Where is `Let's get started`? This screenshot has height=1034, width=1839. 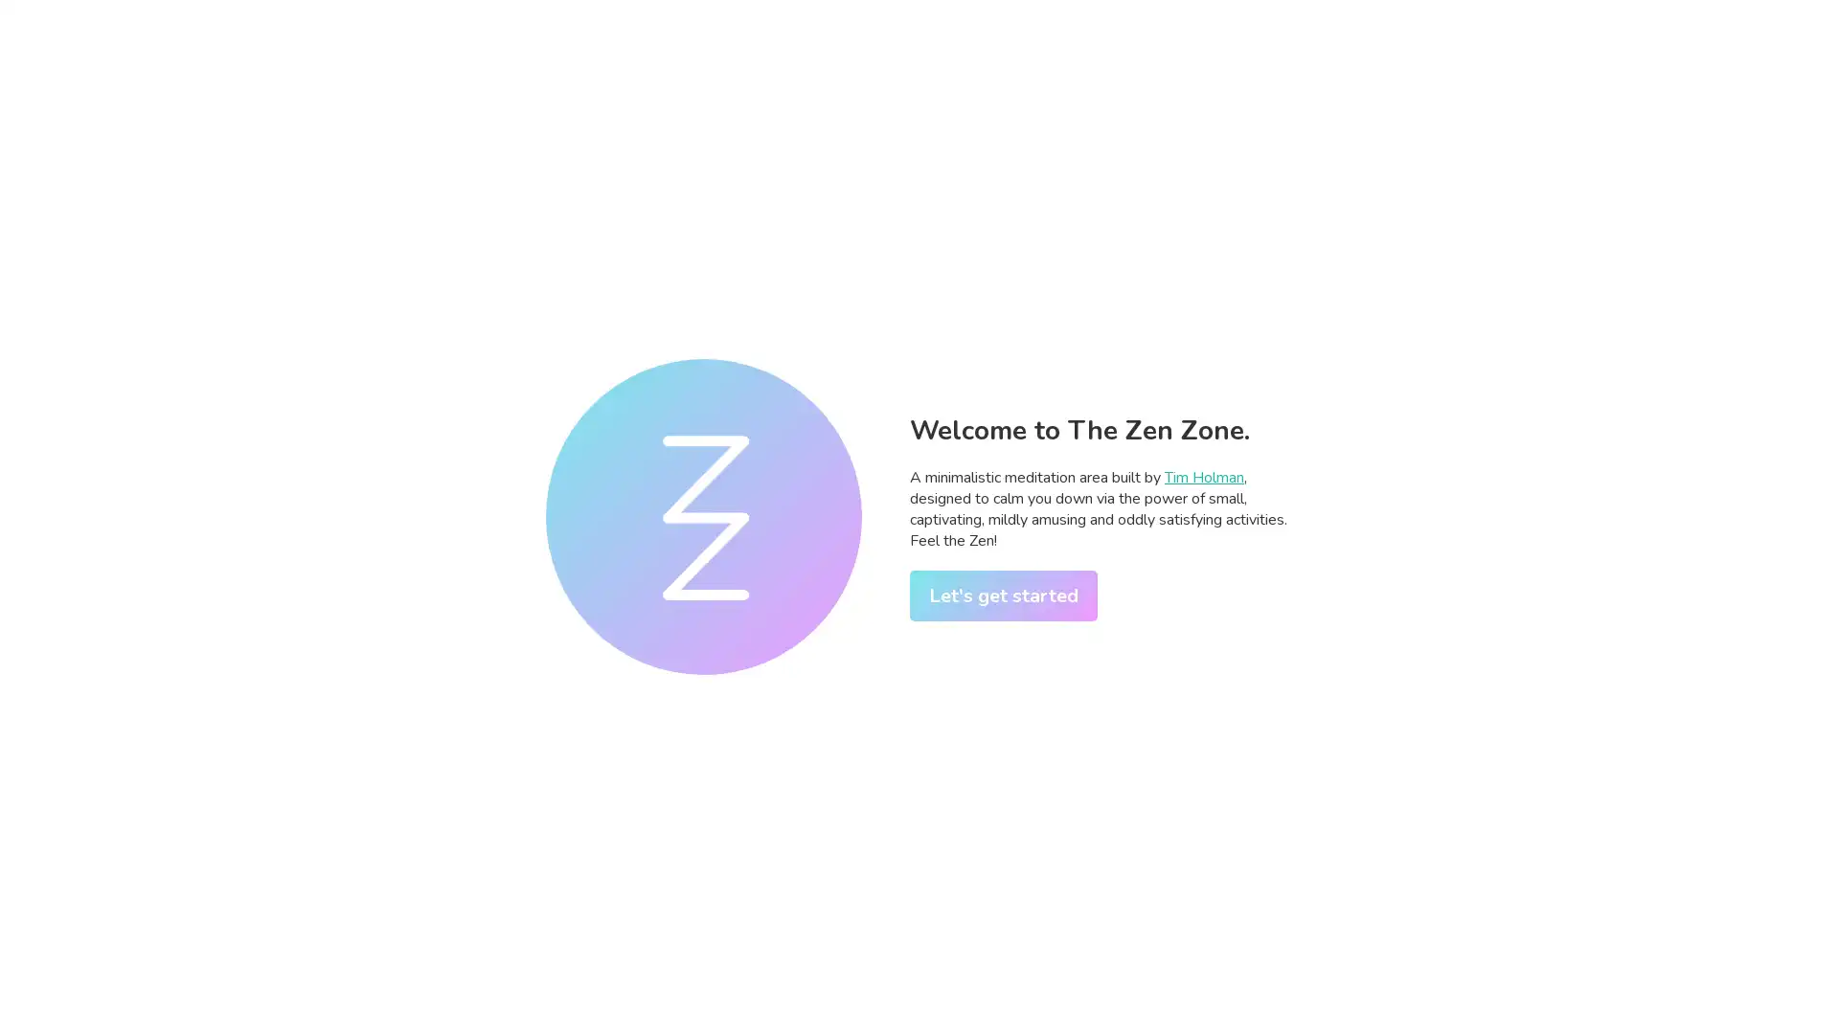 Let's get started is located at coordinates (1002, 594).